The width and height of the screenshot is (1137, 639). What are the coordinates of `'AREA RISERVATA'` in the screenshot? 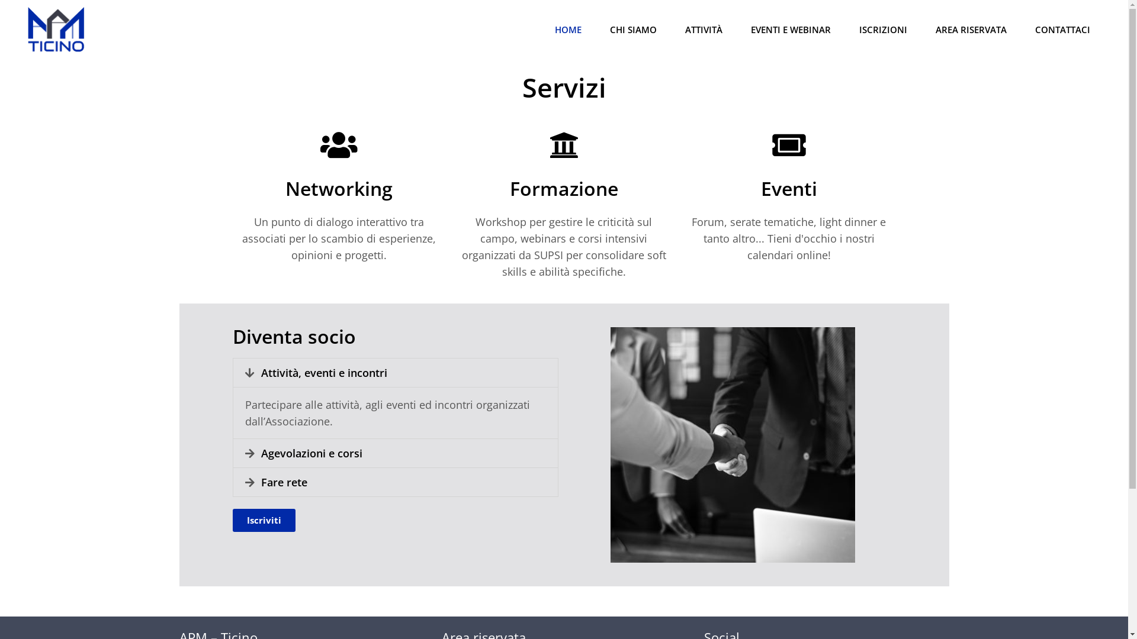 It's located at (971, 29).